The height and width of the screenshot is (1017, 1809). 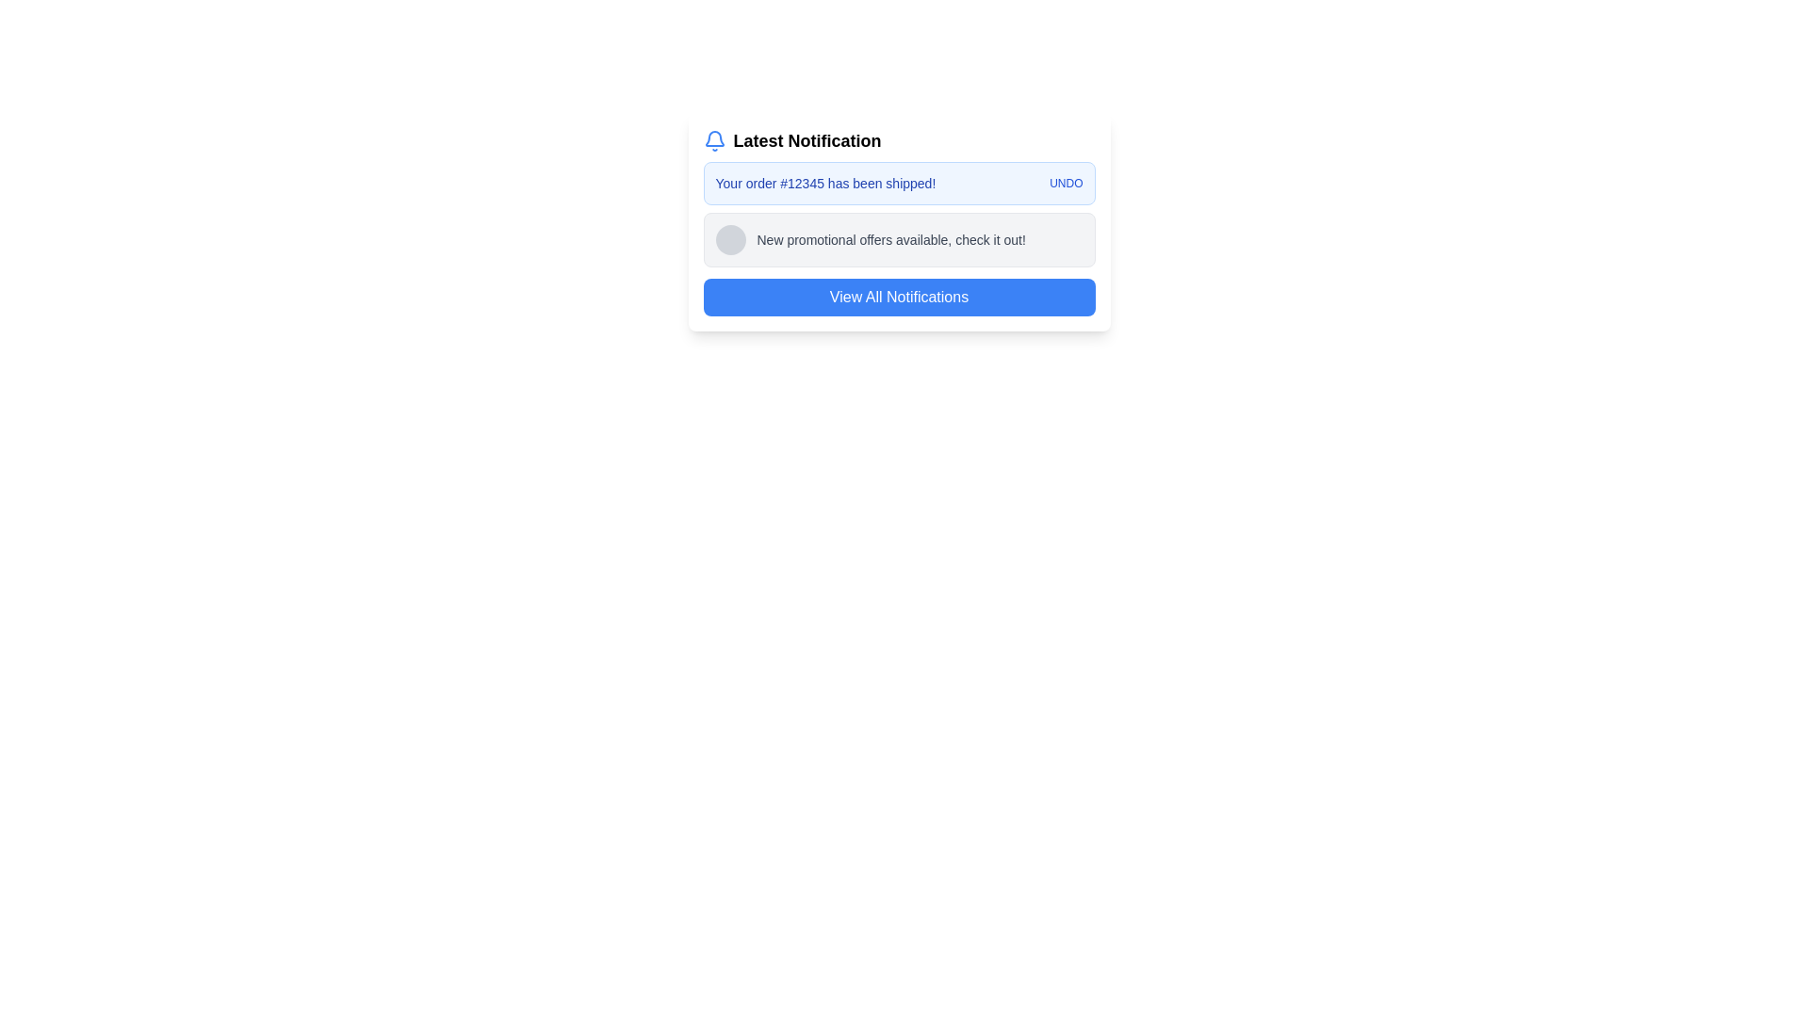 I want to click on the third notification in the notification panel that contains the text 'New promotional offers available, check it out!', so click(x=898, y=238).